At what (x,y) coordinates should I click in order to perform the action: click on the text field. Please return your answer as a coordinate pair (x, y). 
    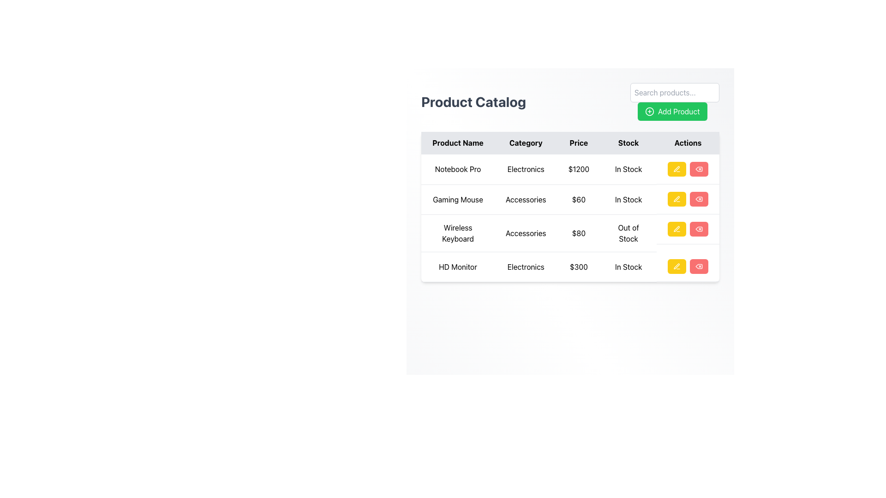
    Looking at the image, I should click on (570, 206).